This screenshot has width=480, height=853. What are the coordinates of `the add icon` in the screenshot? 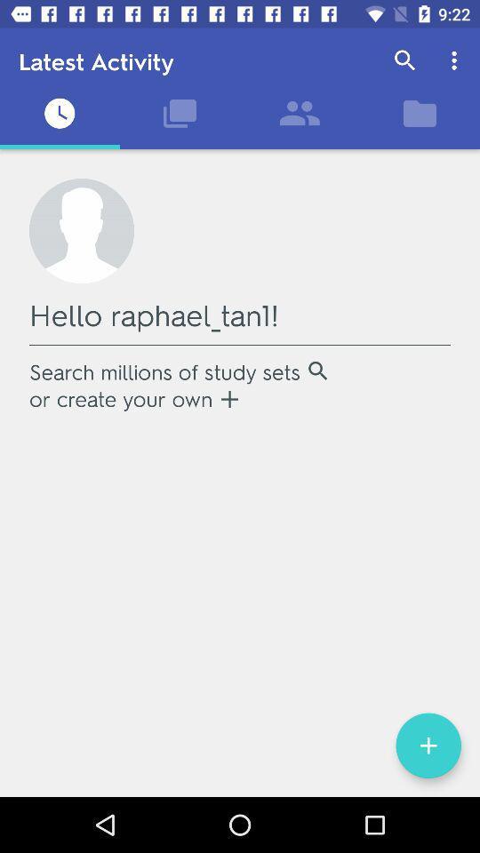 It's located at (428, 745).